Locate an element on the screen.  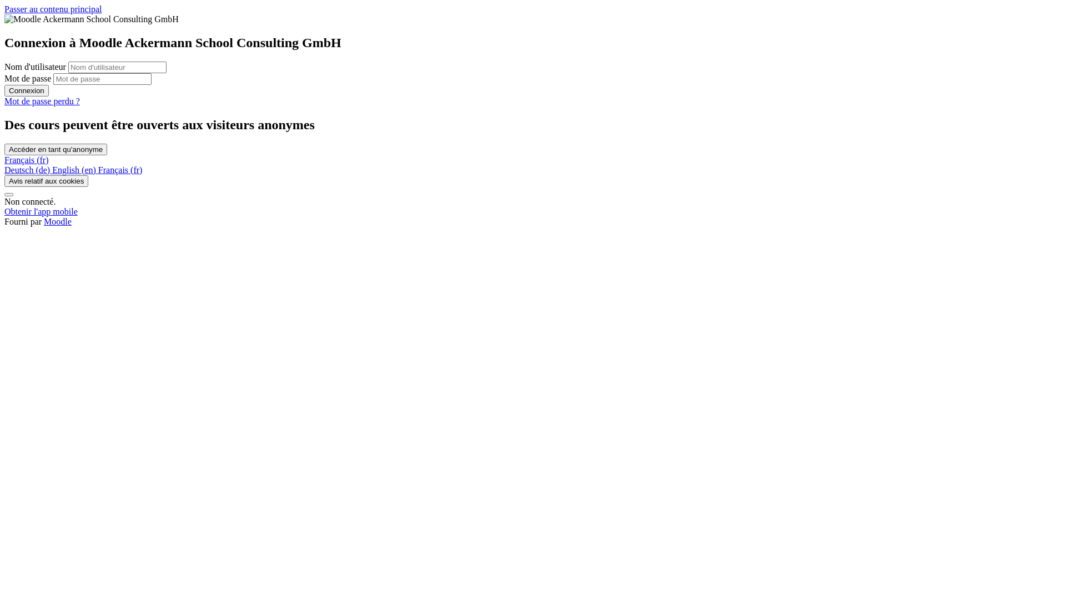
'Deutsch (de)' is located at coordinates (28, 170).